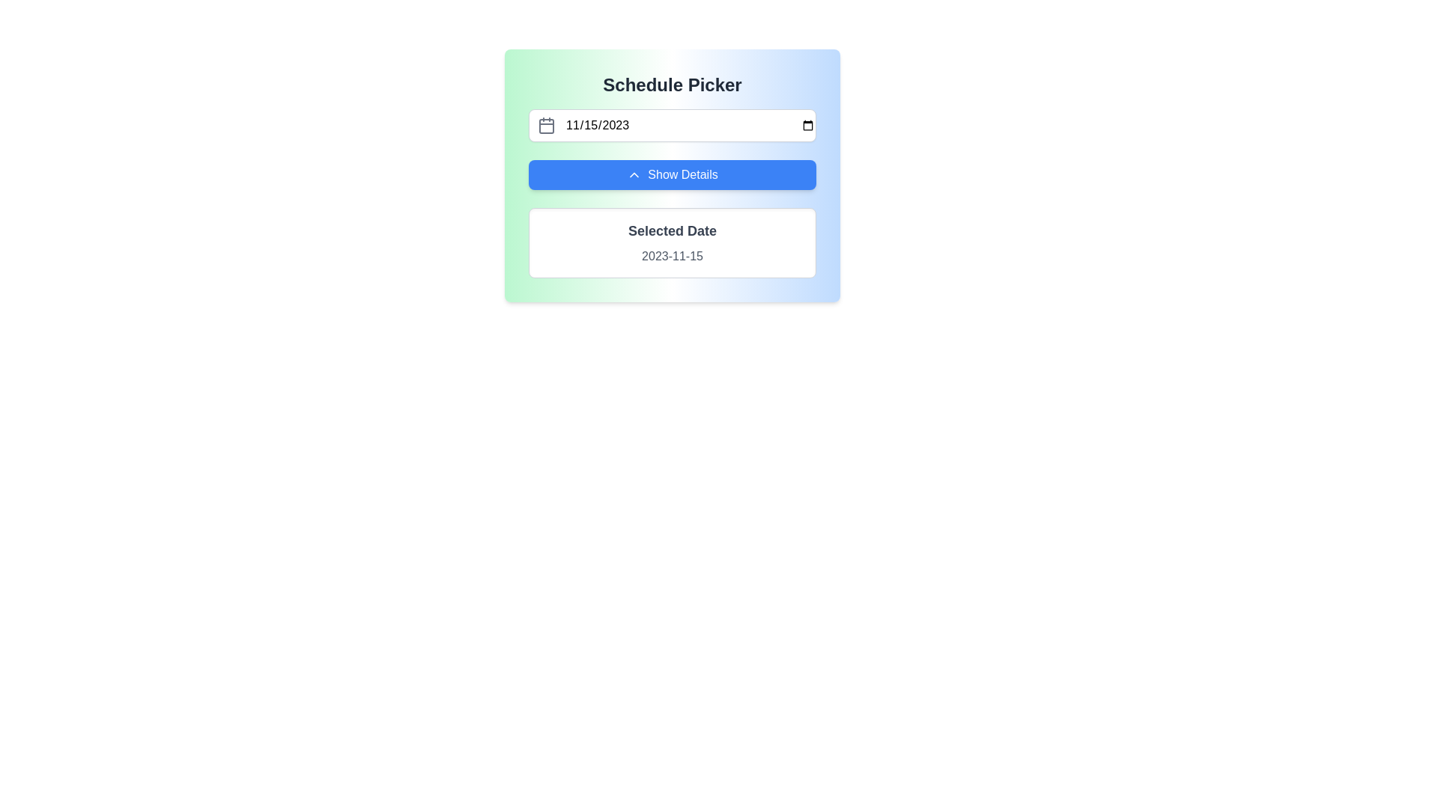  Describe the element at coordinates (634, 174) in the screenshot. I see `the chevron icon located inside the 'Show Details' button, which indicates additional functionality or a collapsible interaction` at that location.